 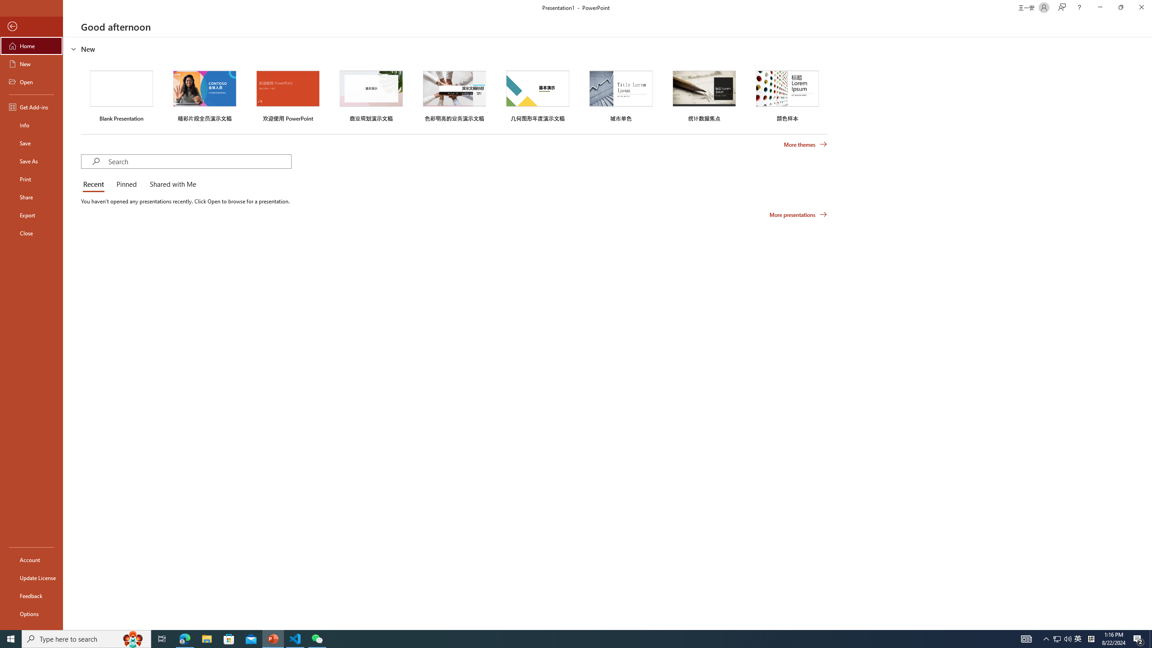 I want to click on 'Update License', so click(x=31, y=577).